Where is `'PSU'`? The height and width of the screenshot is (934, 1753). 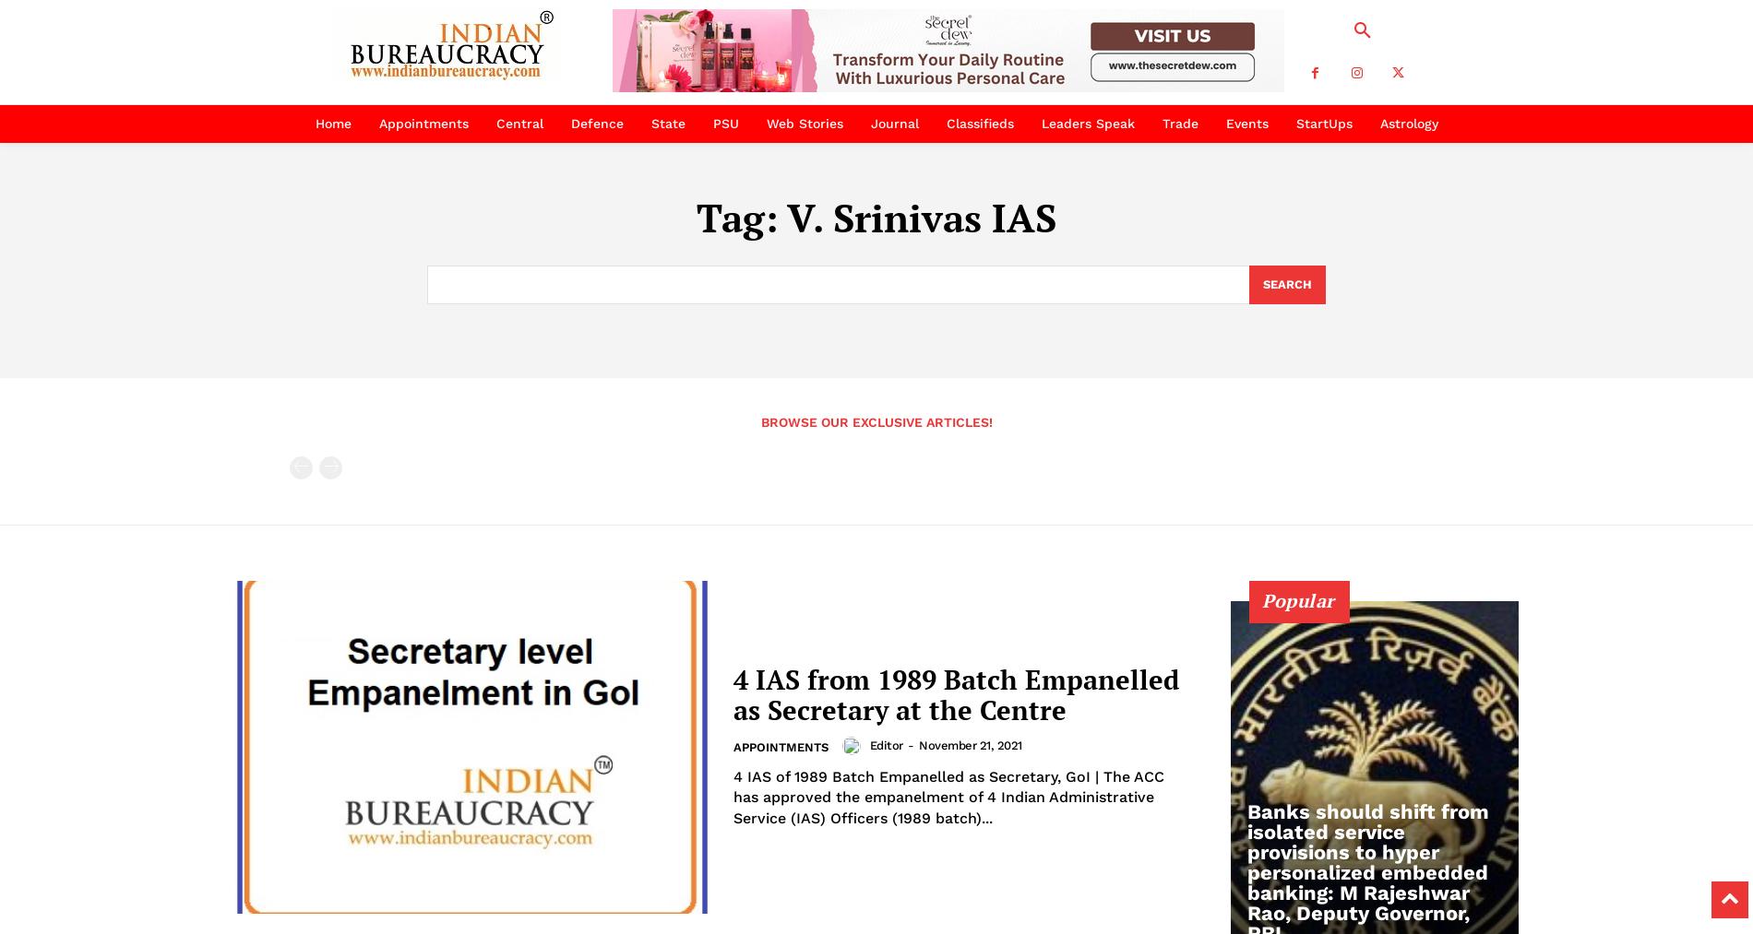 'PSU' is located at coordinates (724, 124).